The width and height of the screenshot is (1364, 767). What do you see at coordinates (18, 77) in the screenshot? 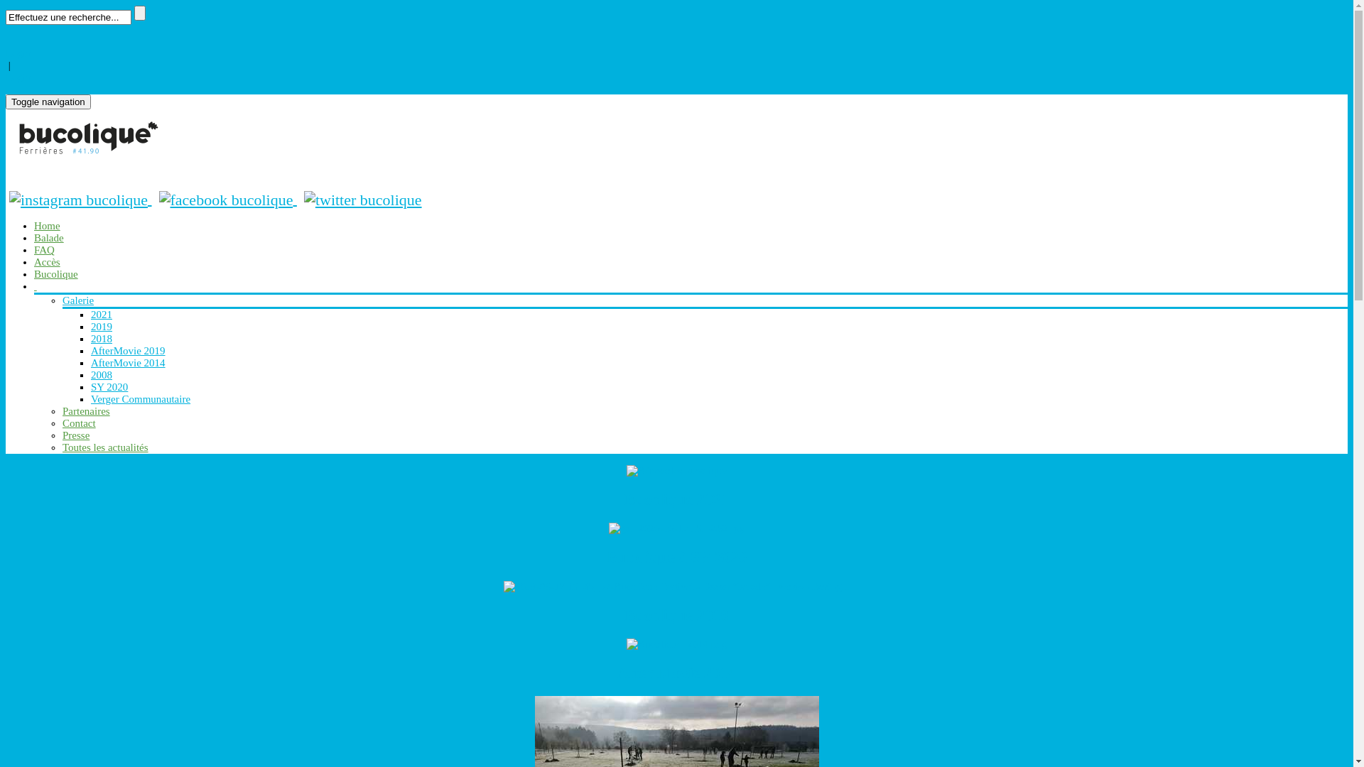
I see `'Login'` at bounding box center [18, 77].